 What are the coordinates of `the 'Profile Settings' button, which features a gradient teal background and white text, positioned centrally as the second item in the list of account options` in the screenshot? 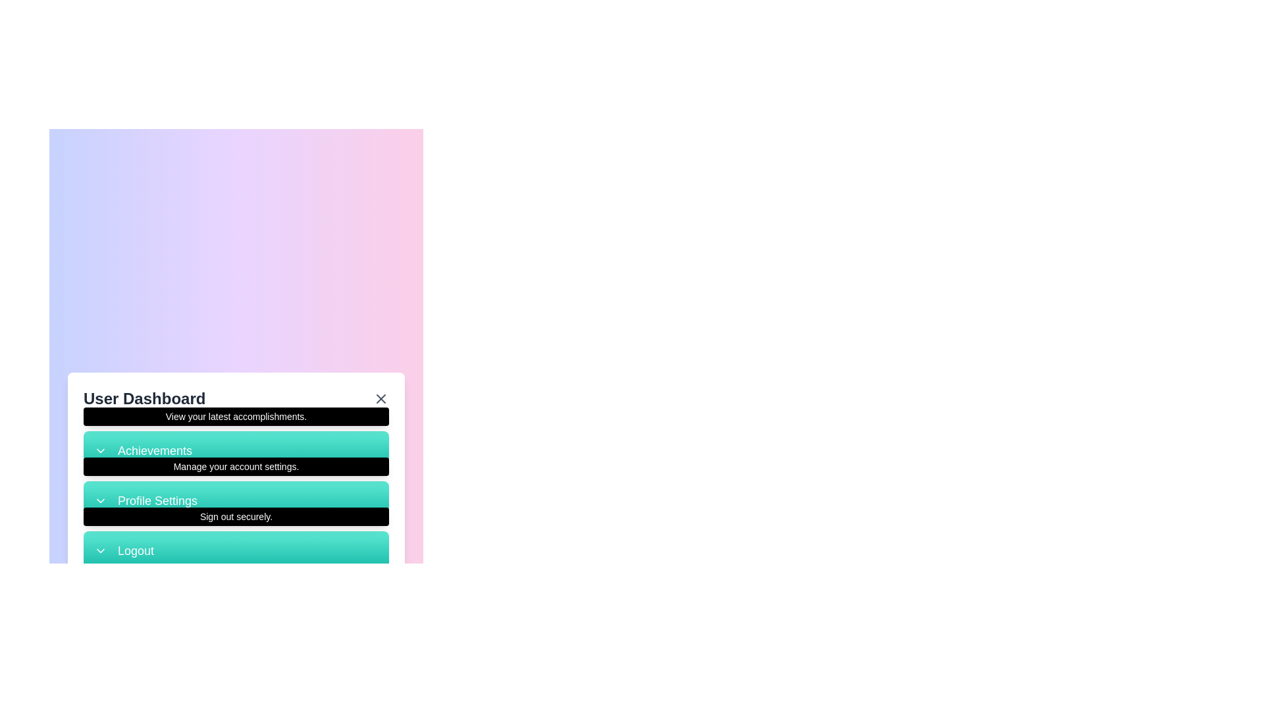 It's located at (236, 500).